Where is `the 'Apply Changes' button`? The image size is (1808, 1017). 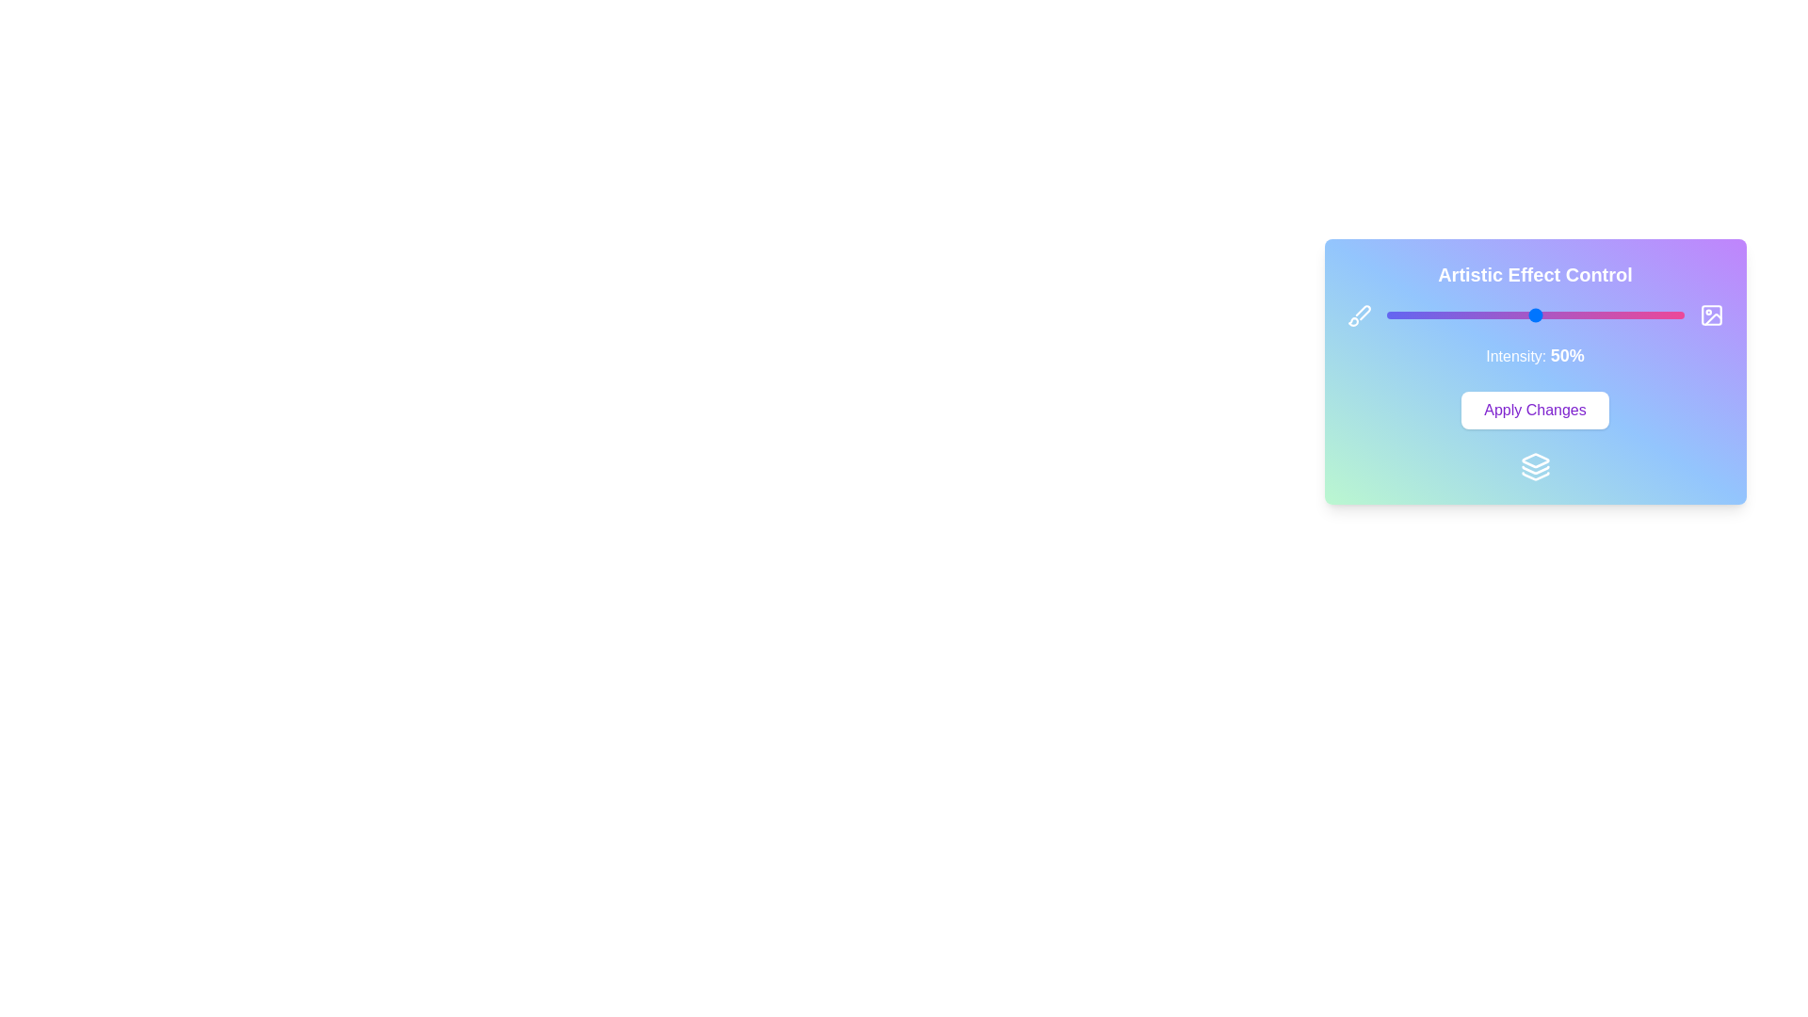
the 'Apply Changes' button is located at coordinates (1535, 409).